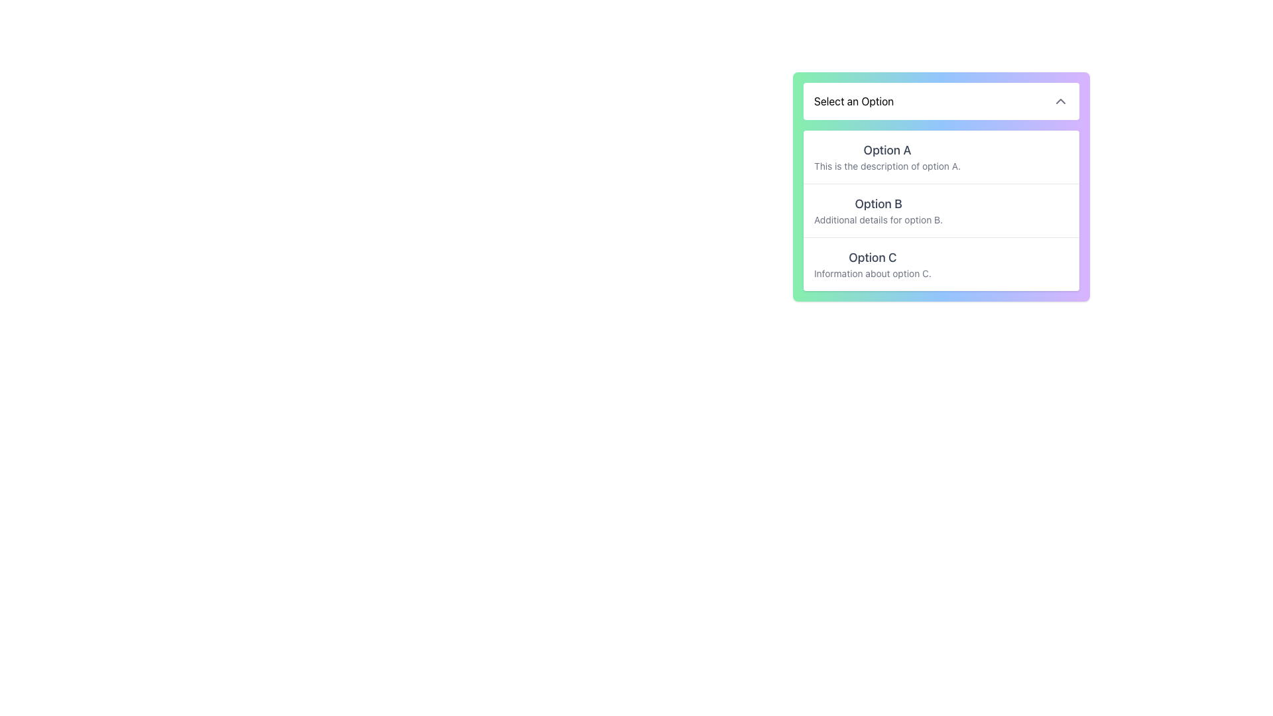  Describe the element at coordinates (941, 156) in the screenshot. I see `the first selectable option in the dropdown list labeled 'Option A'` at that location.